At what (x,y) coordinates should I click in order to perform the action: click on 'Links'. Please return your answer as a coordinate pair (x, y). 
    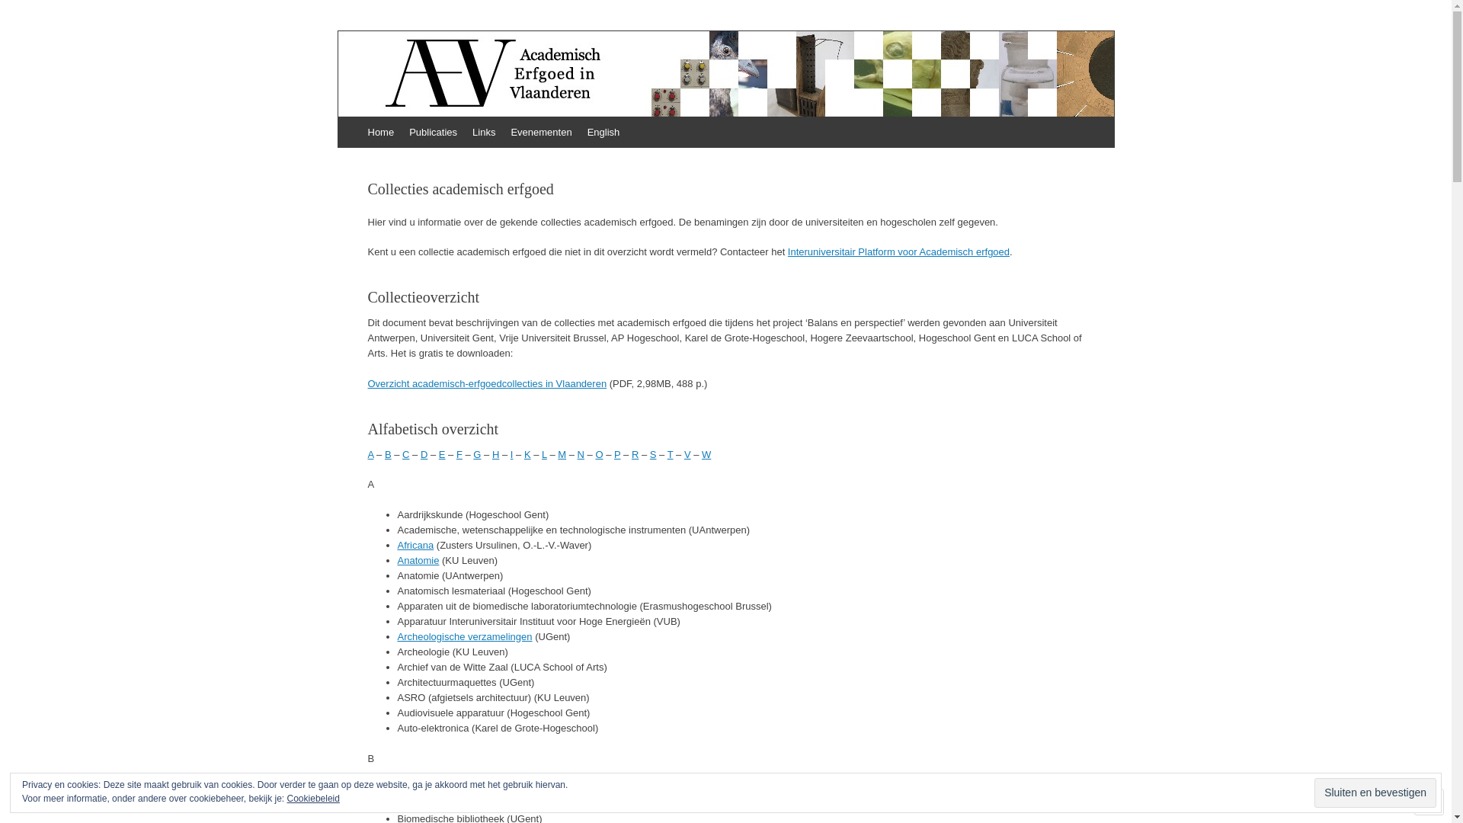
    Looking at the image, I should click on (482, 131).